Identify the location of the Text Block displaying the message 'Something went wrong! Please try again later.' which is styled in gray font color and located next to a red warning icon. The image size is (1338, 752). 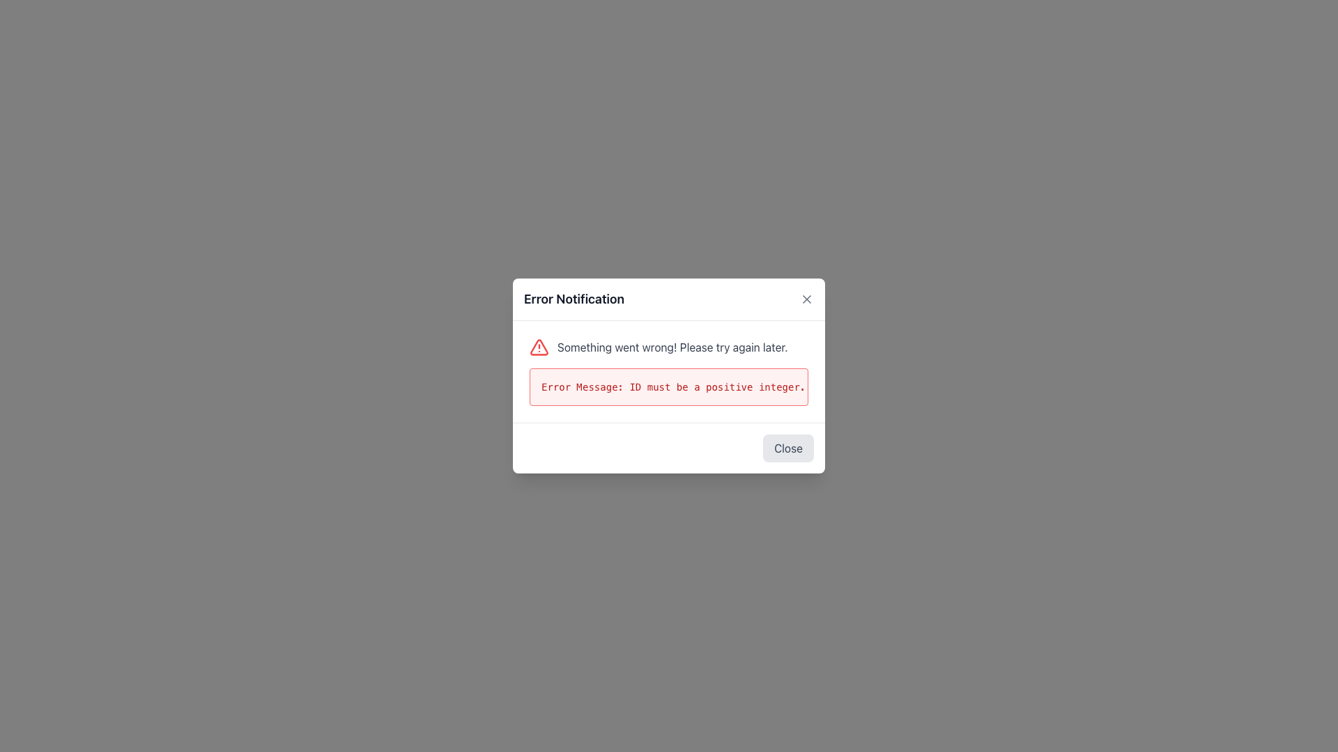
(672, 346).